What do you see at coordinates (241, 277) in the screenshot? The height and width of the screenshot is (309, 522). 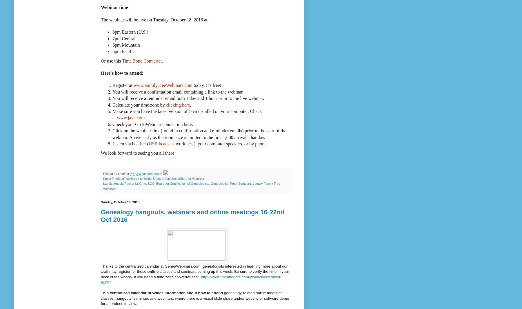 I see `'anddate.com/wor'` at bounding box center [241, 277].